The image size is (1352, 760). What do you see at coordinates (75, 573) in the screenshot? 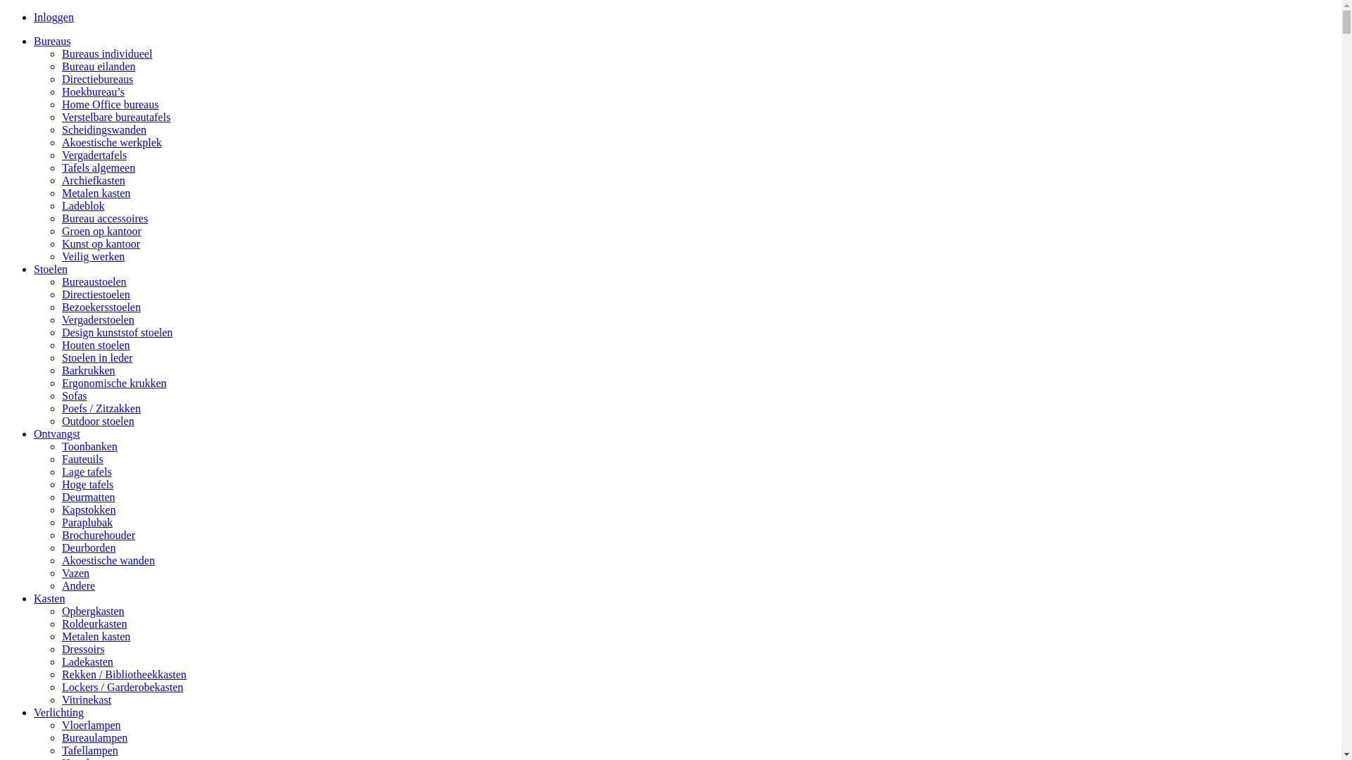
I see `'Vazen'` at bounding box center [75, 573].